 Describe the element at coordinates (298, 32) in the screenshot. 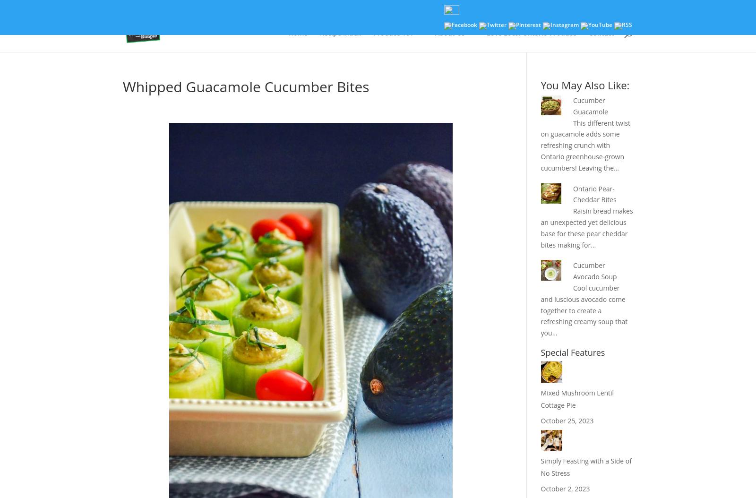

I see `'Home'` at that location.